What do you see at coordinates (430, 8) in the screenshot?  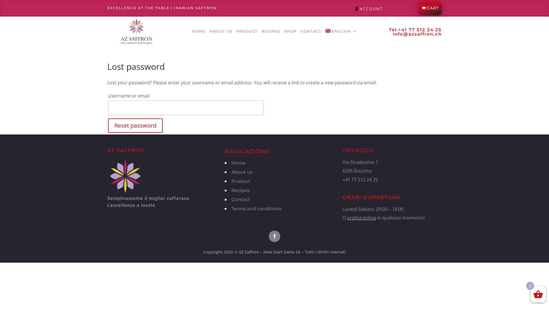 I see `'CART'` at bounding box center [430, 8].